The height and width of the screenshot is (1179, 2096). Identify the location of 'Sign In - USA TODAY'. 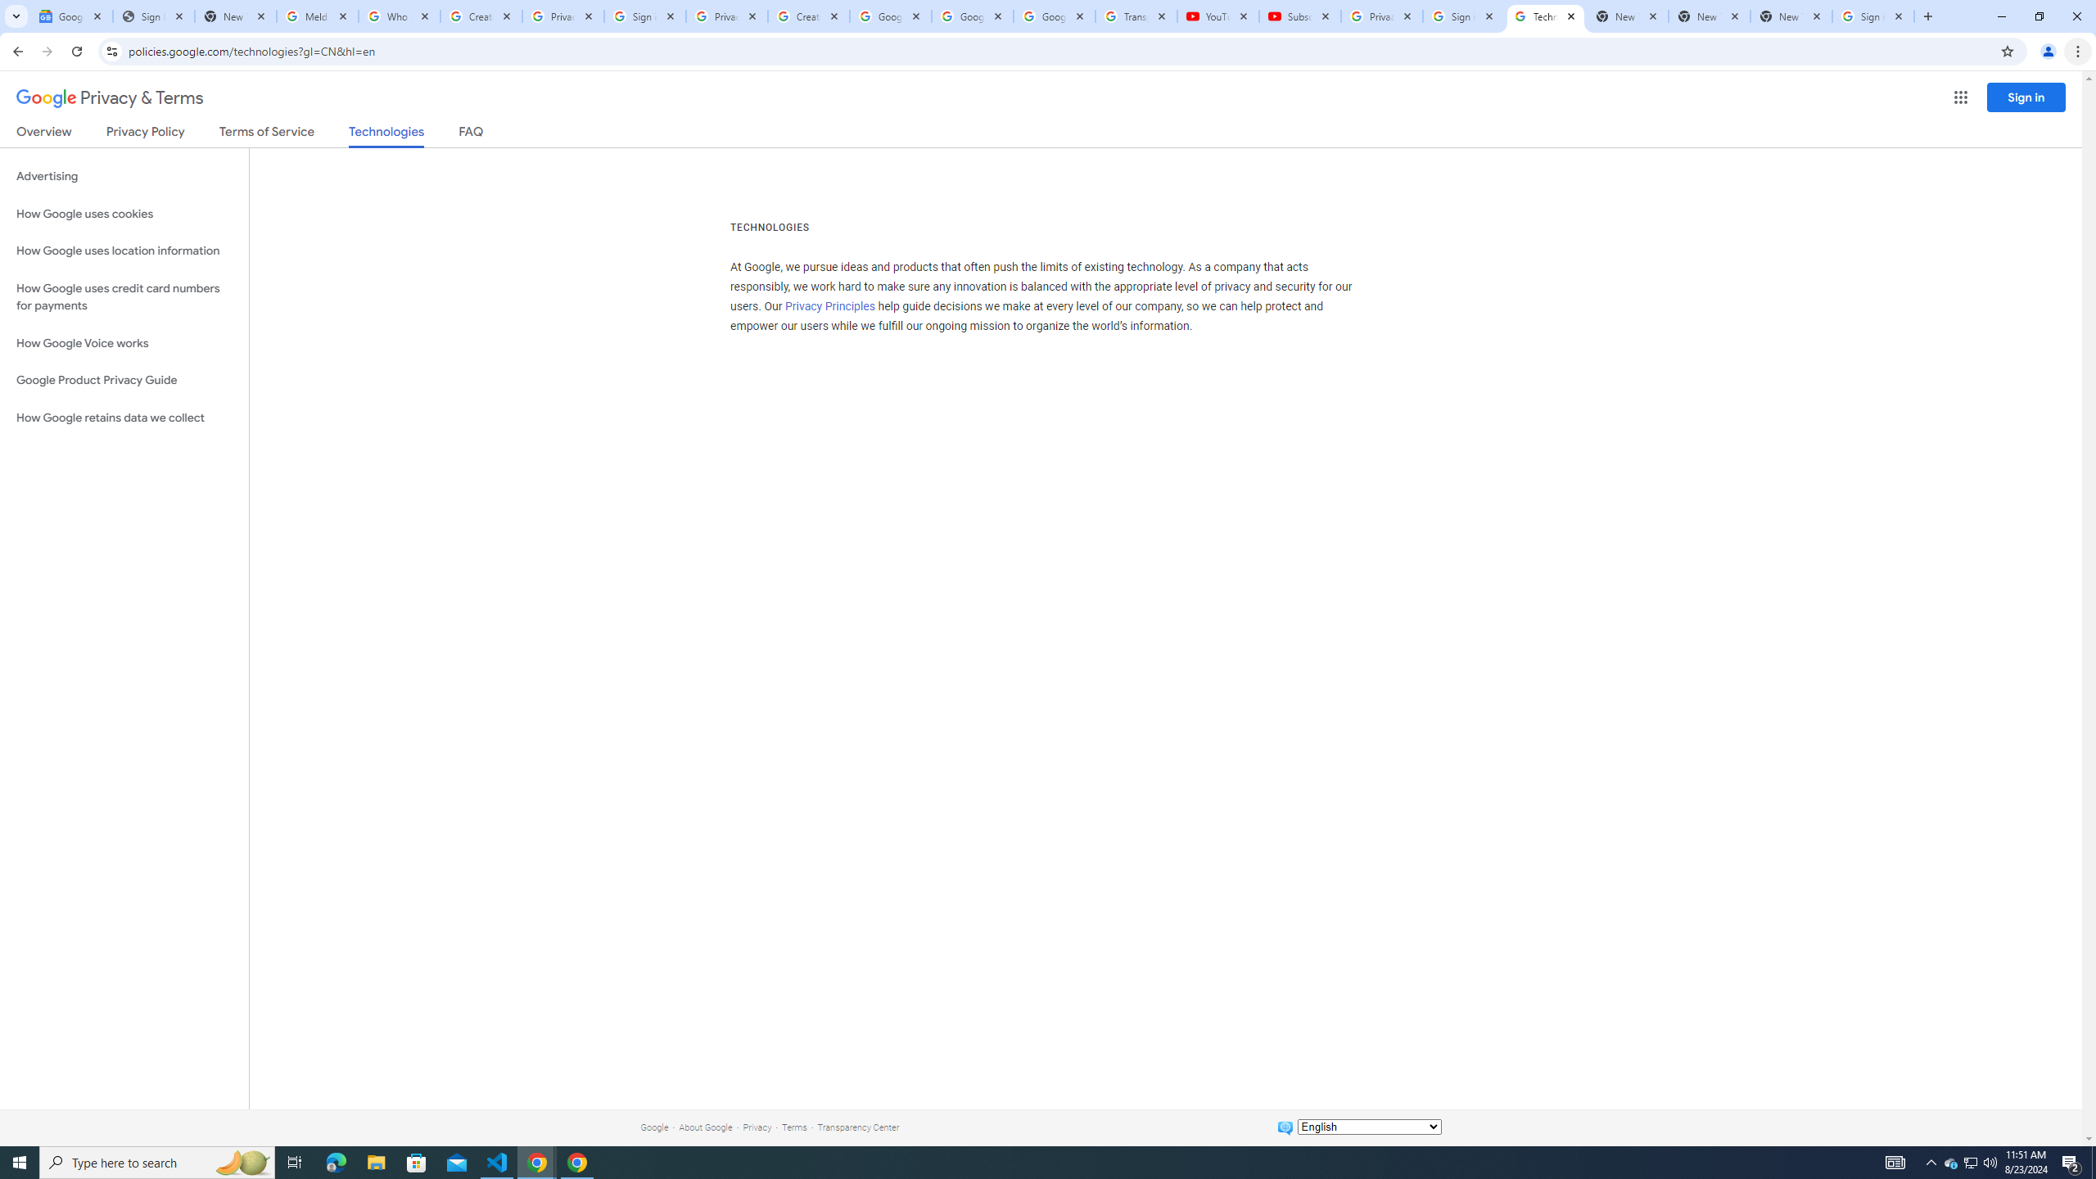
(152, 16).